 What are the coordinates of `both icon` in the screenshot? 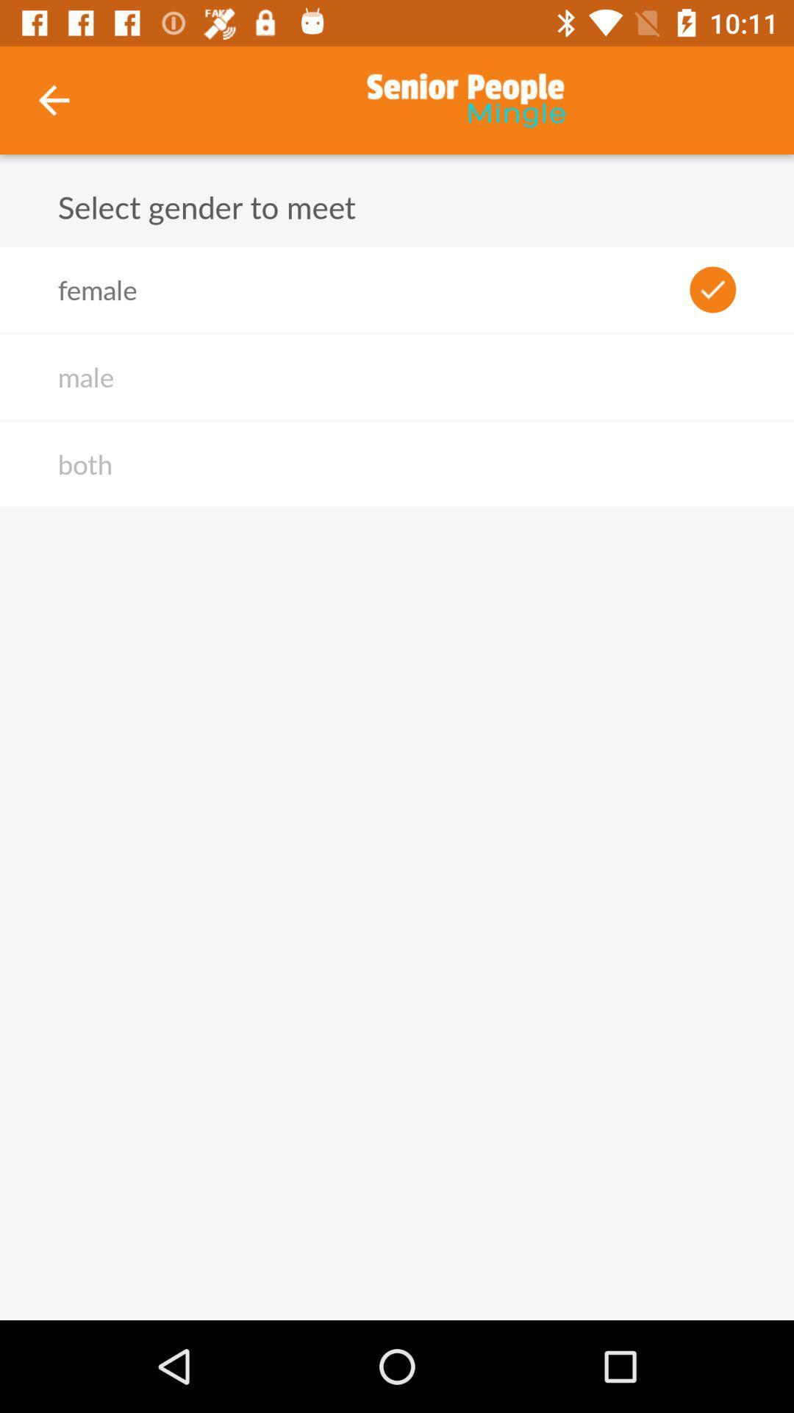 It's located at (85, 463).